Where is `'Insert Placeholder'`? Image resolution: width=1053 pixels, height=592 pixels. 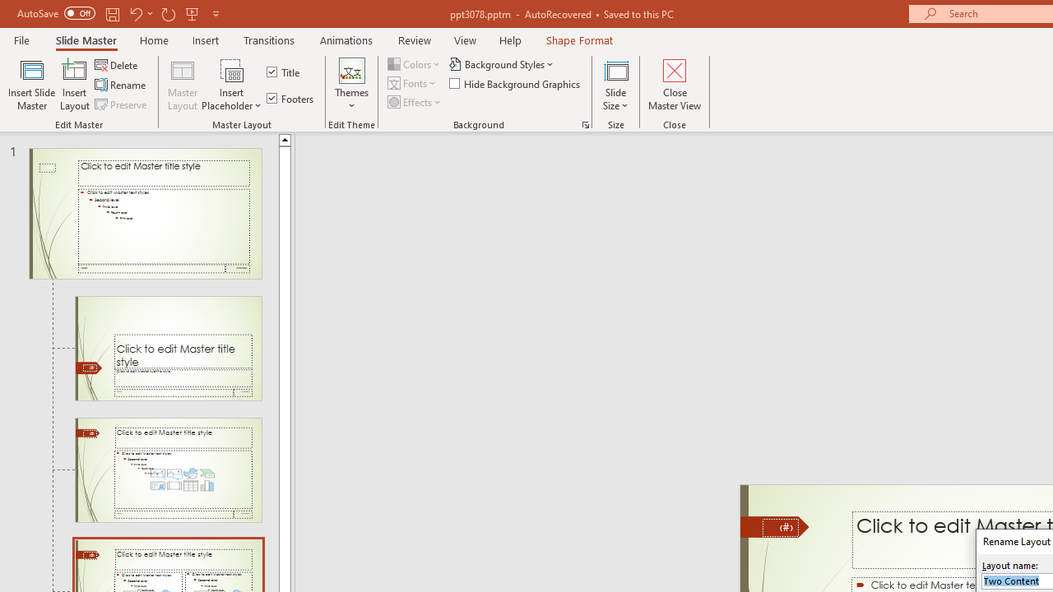
'Insert Placeholder' is located at coordinates (231, 85).